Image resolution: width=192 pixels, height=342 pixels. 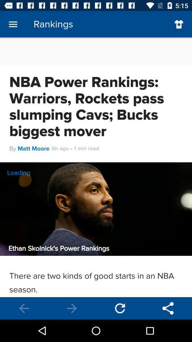 I want to click on share button, so click(x=168, y=308).